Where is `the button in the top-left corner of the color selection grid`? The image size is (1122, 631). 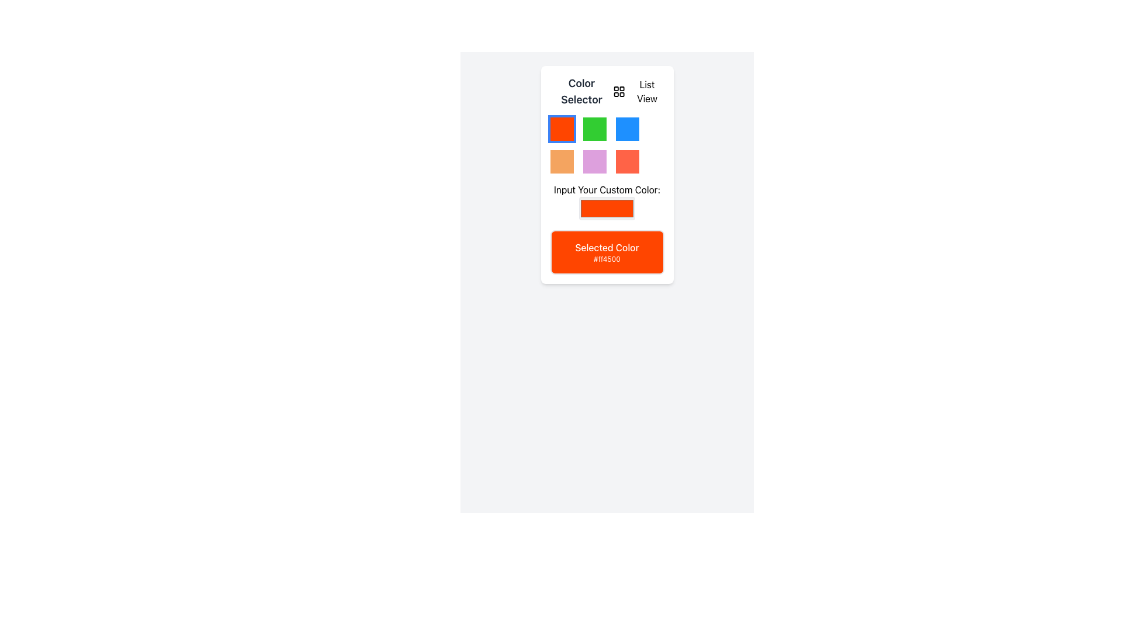 the button in the top-left corner of the color selection grid is located at coordinates (562, 129).